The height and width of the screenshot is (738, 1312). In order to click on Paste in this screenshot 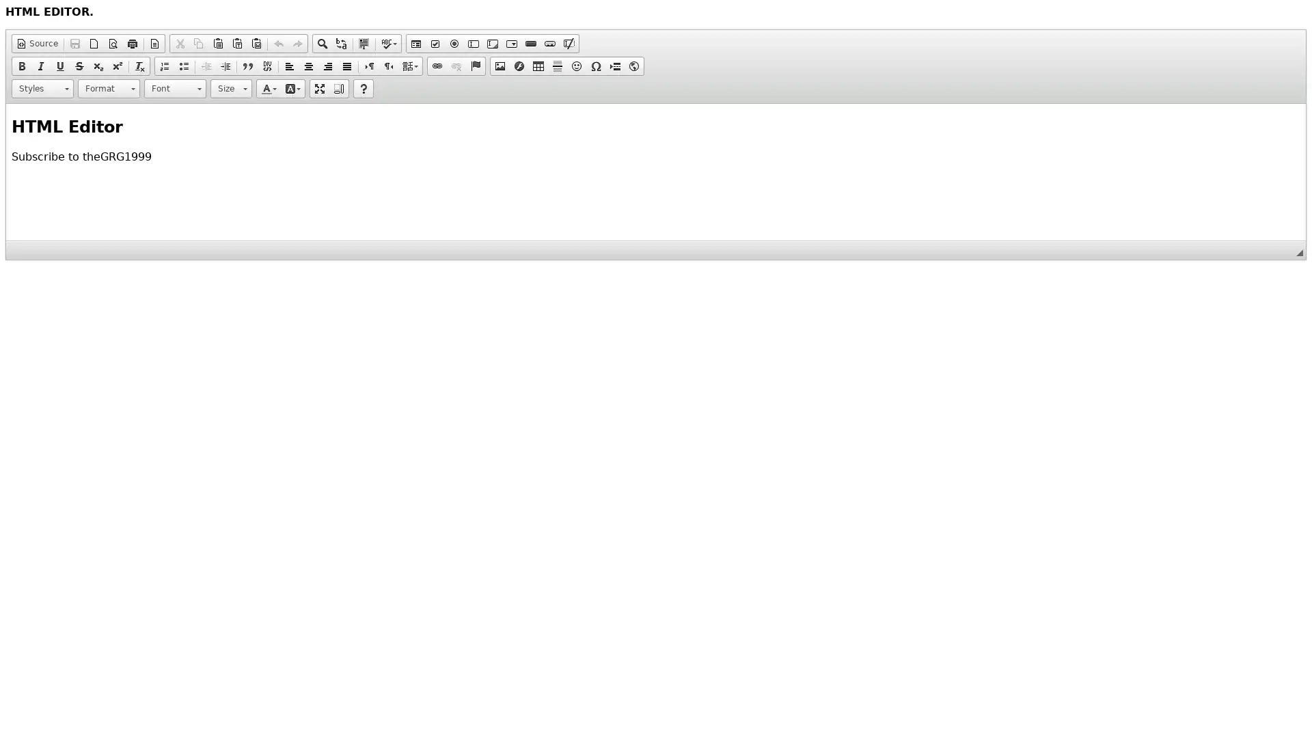, I will do `click(217, 43)`.